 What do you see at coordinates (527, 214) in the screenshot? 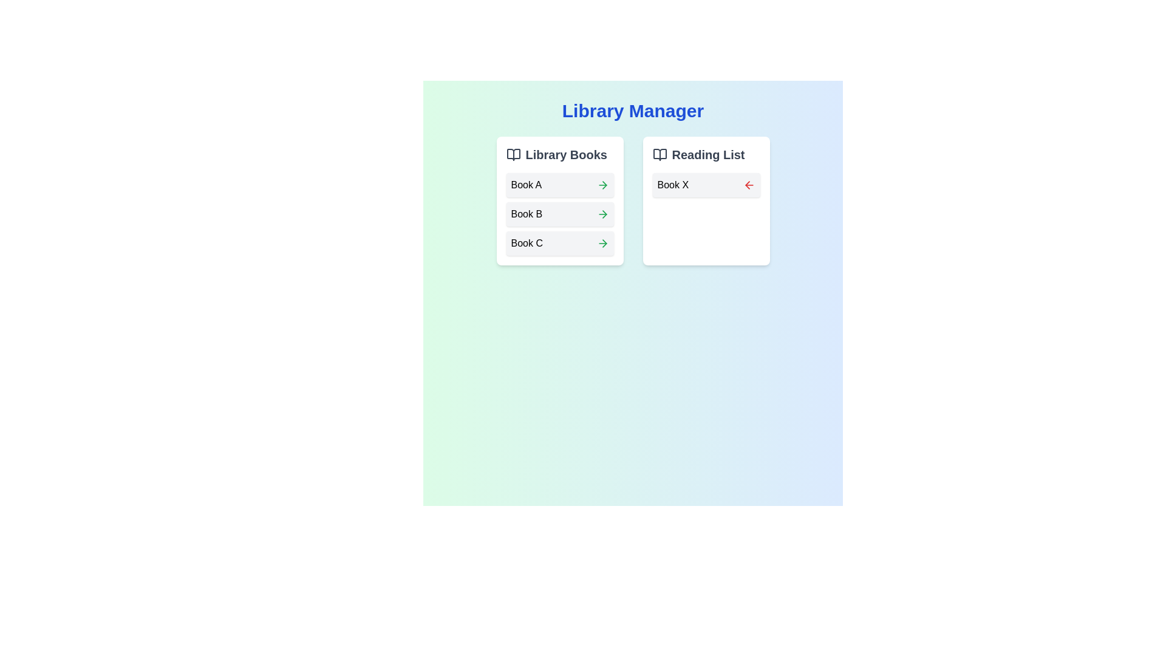
I see `the text label representing 'Book B' within the 'Library Books' section by clicking on it` at bounding box center [527, 214].